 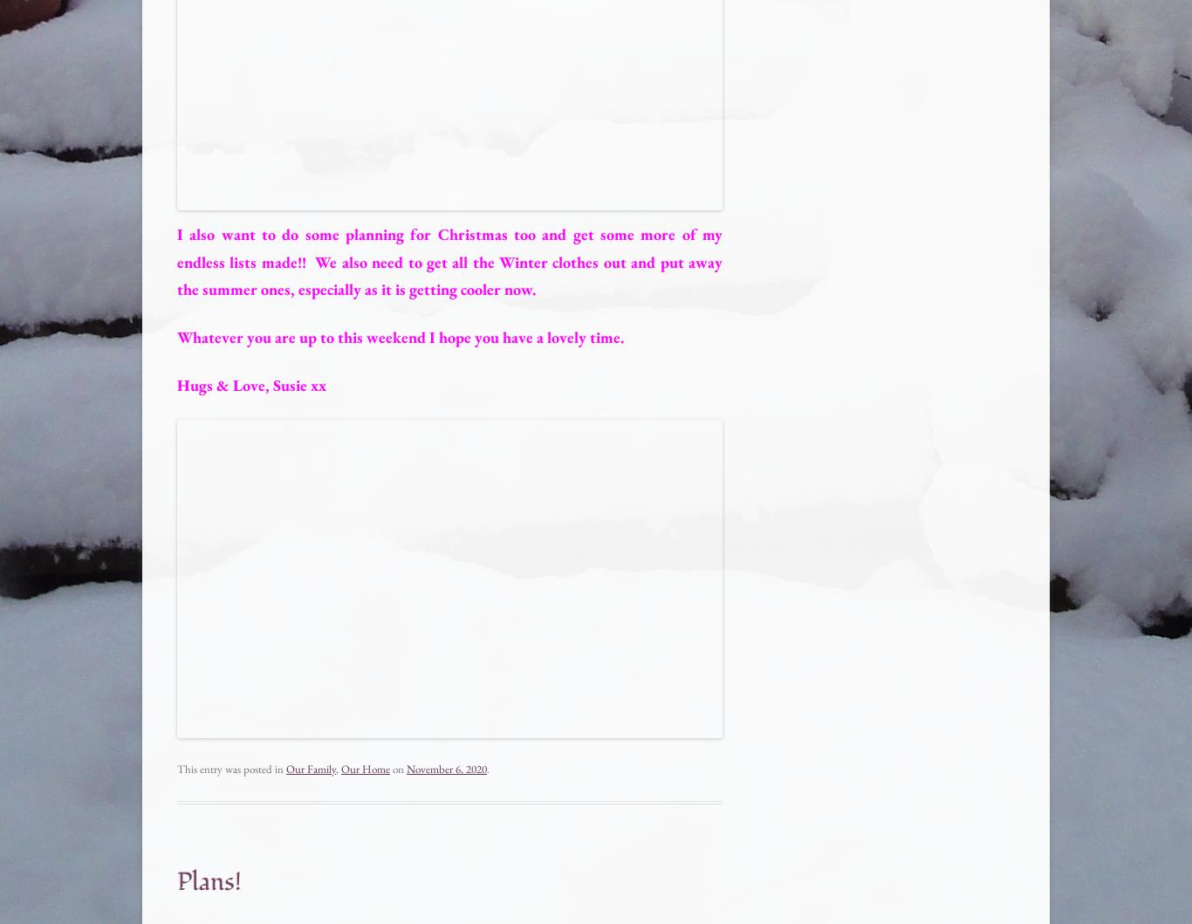 What do you see at coordinates (364, 769) in the screenshot?
I see `'Our Home'` at bounding box center [364, 769].